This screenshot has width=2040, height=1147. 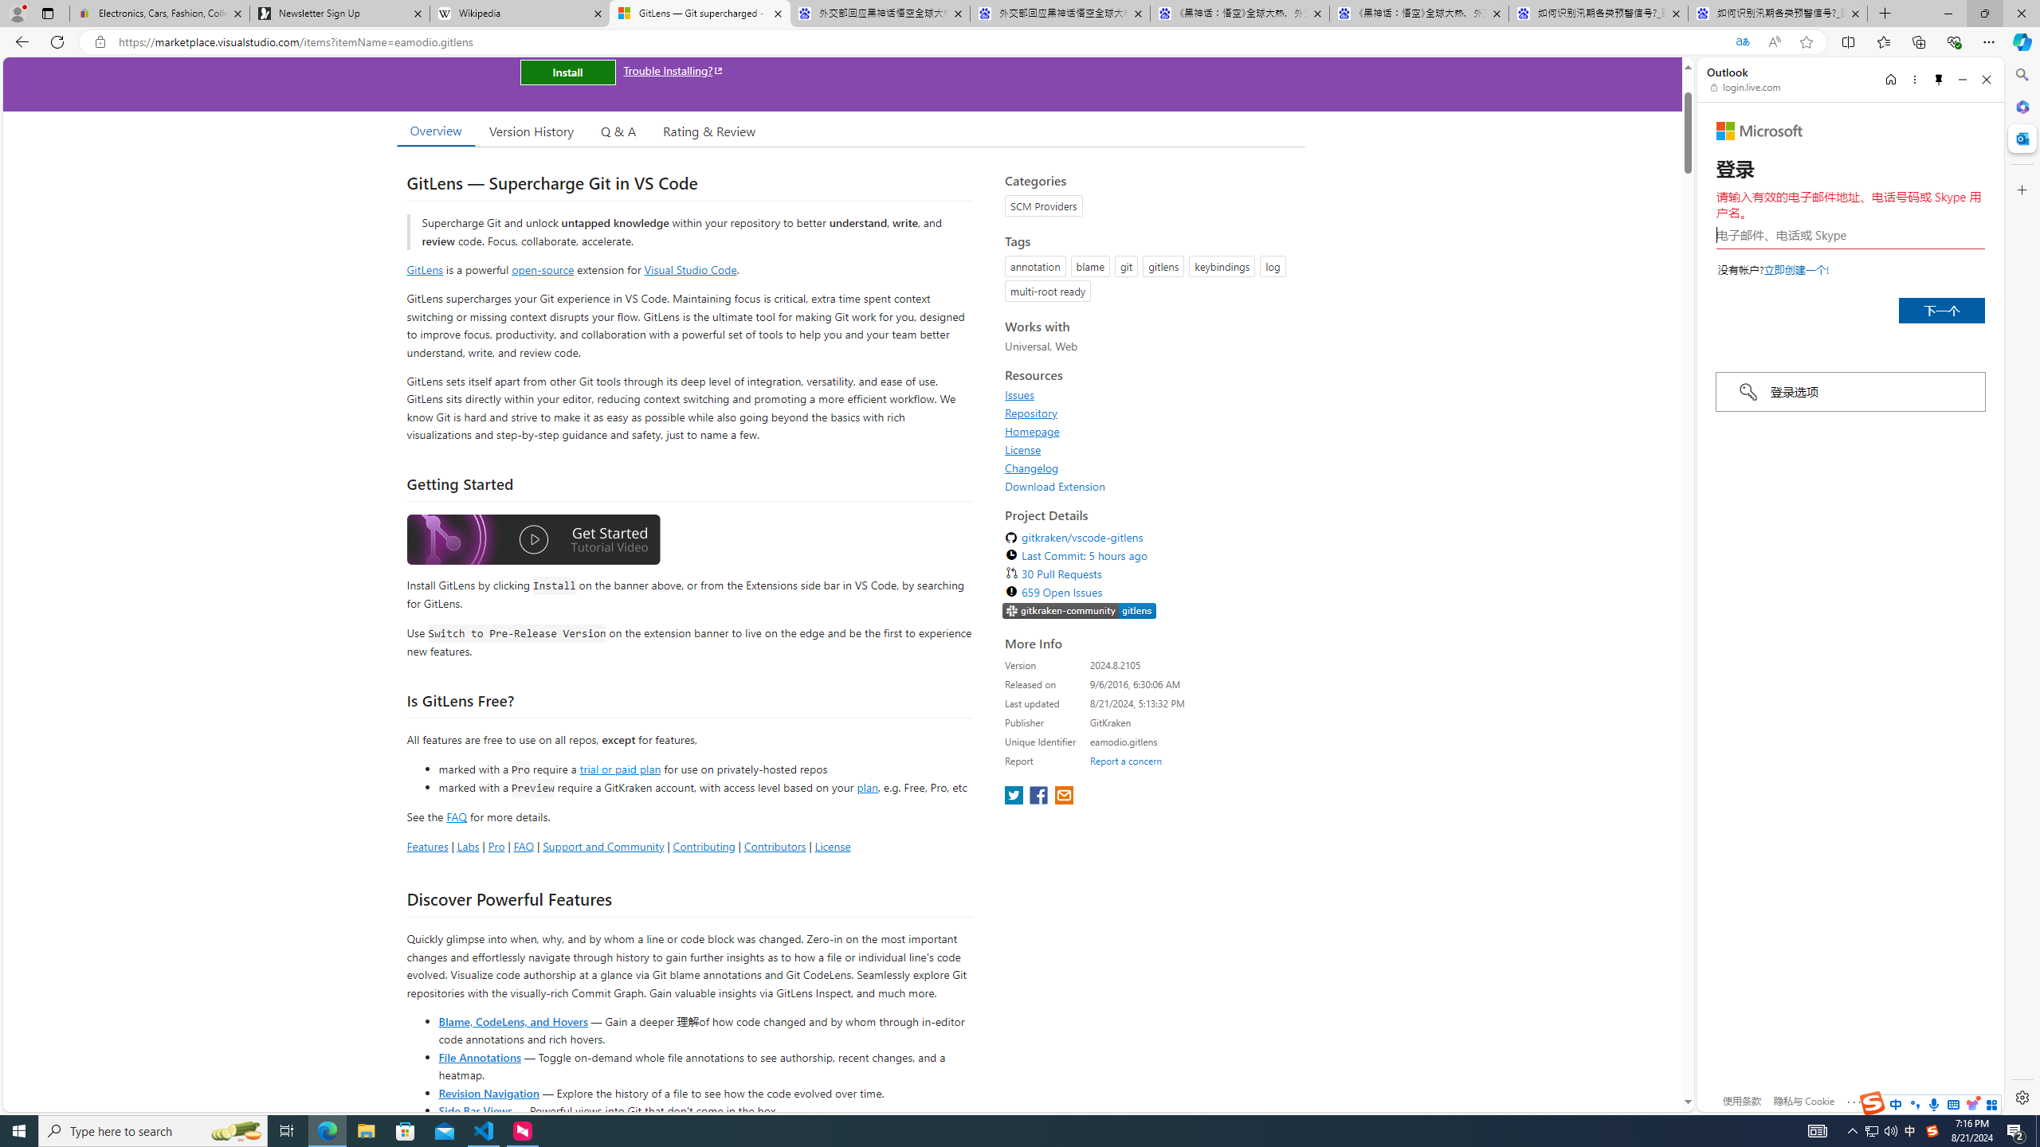 I want to click on 'Watch the GitLens Getting Started video', so click(x=532, y=542).